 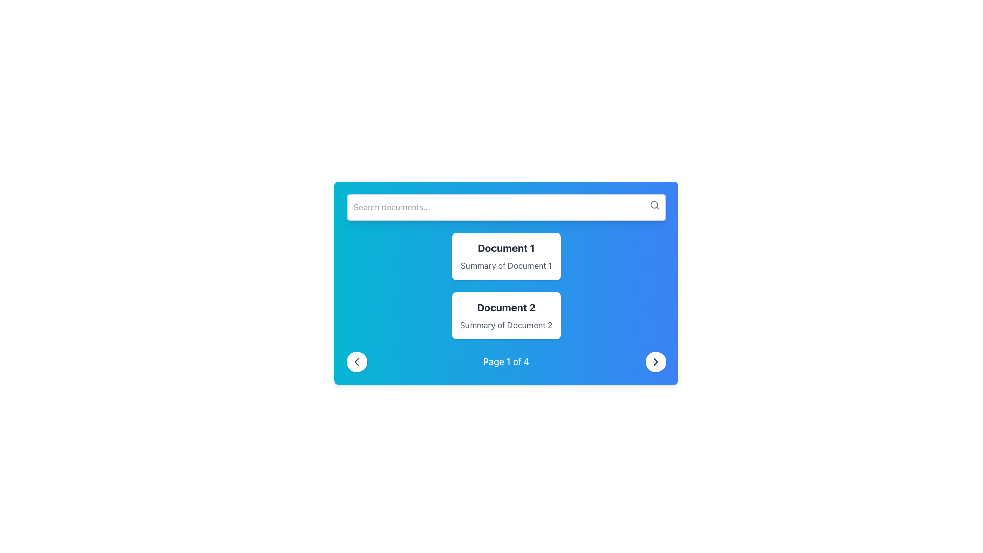 What do you see at coordinates (506, 315) in the screenshot?
I see `the informational card displaying 'Document 2' with a summary, which is the second card in a vertical layout below 'Document 1'` at bounding box center [506, 315].